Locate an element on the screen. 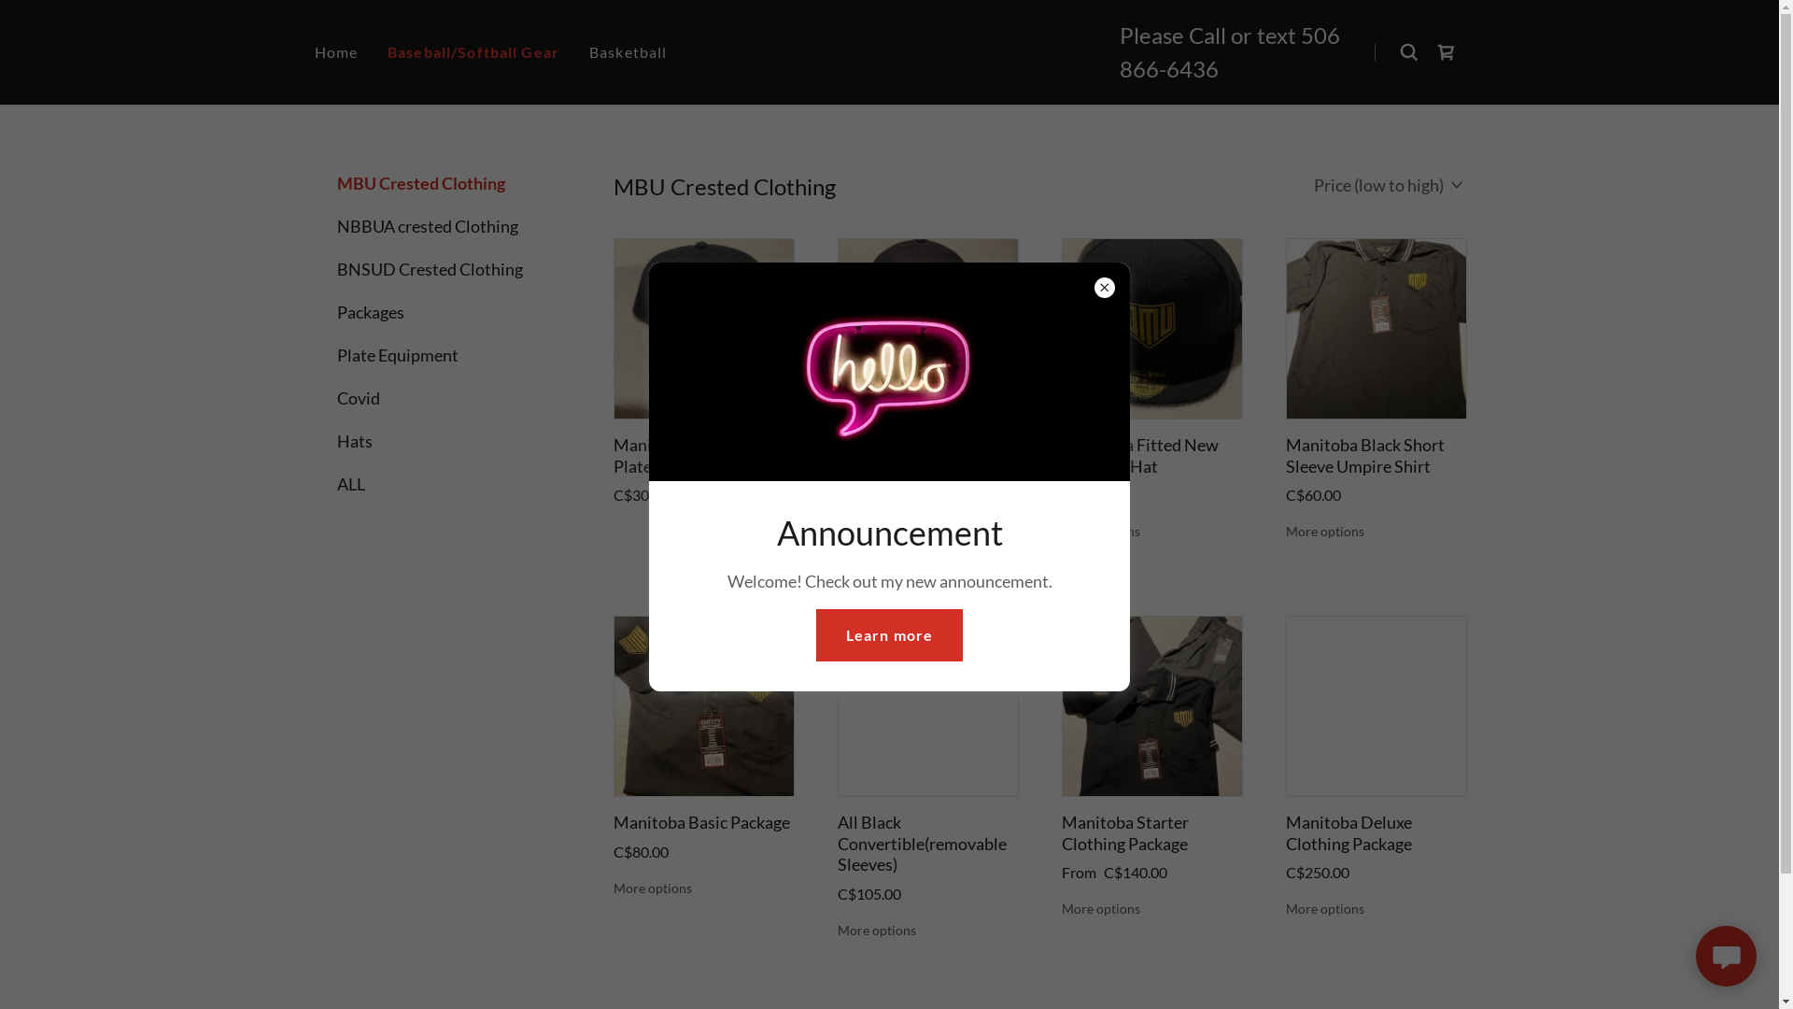 The image size is (1793, 1009). 'Learn more' is located at coordinates (888, 633).